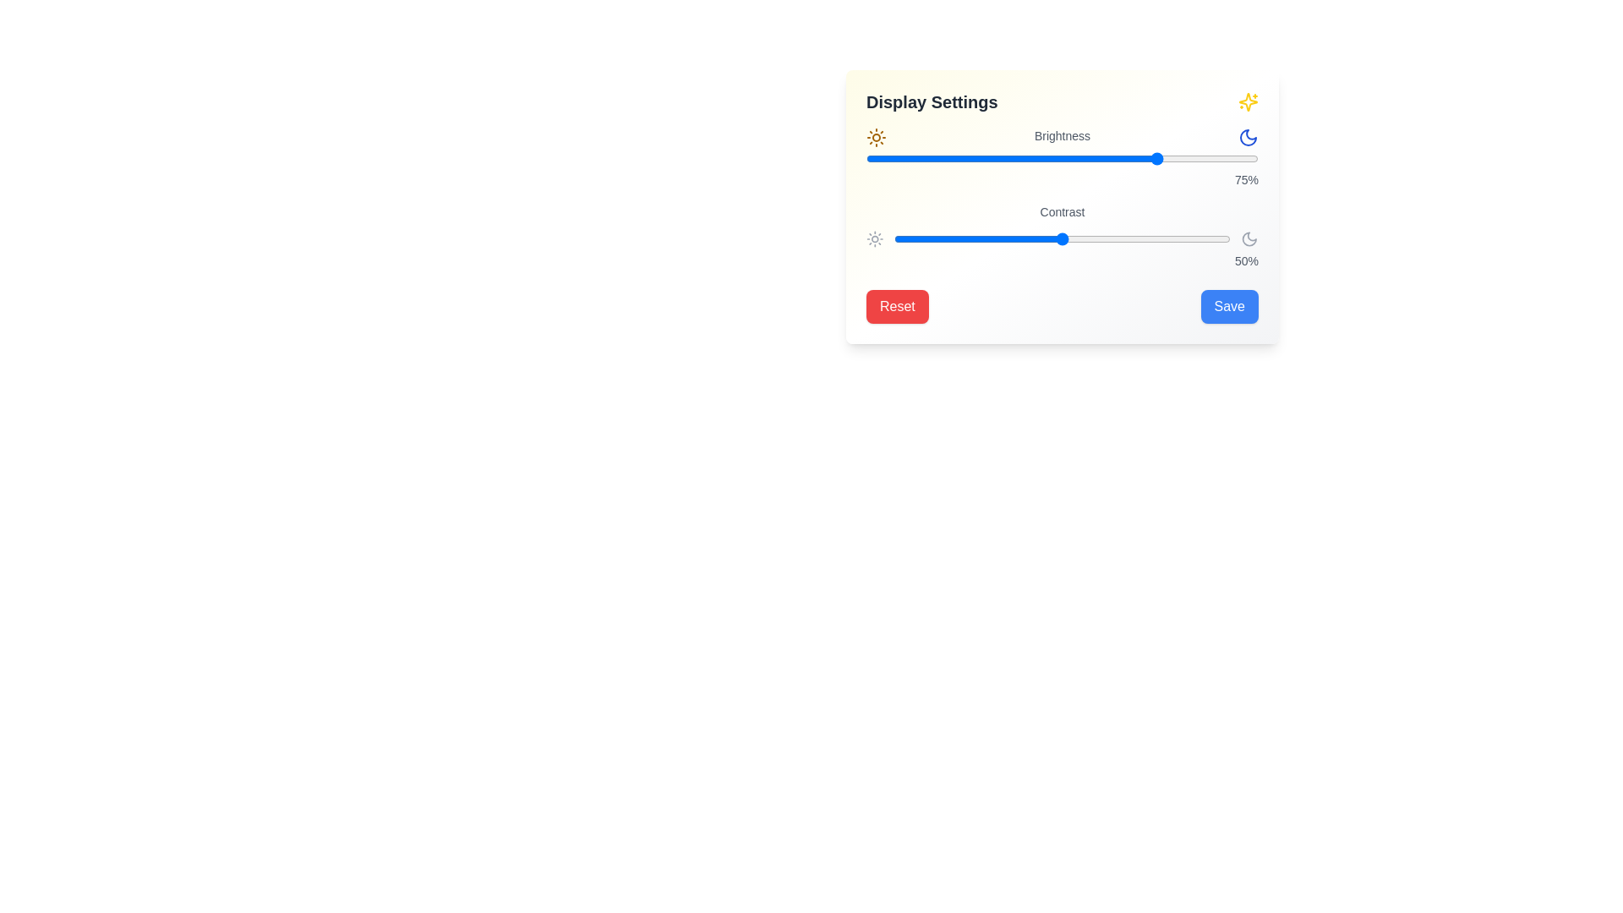  I want to click on the contrast level, so click(929, 238).